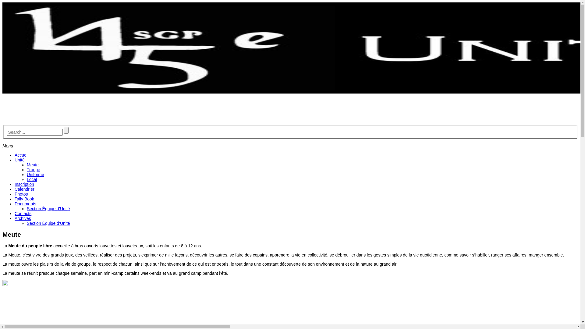 The width and height of the screenshot is (585, 329). Describe the element at coordinates (35, 175) in the screenshot. I see `'Uniforme'` at that location.